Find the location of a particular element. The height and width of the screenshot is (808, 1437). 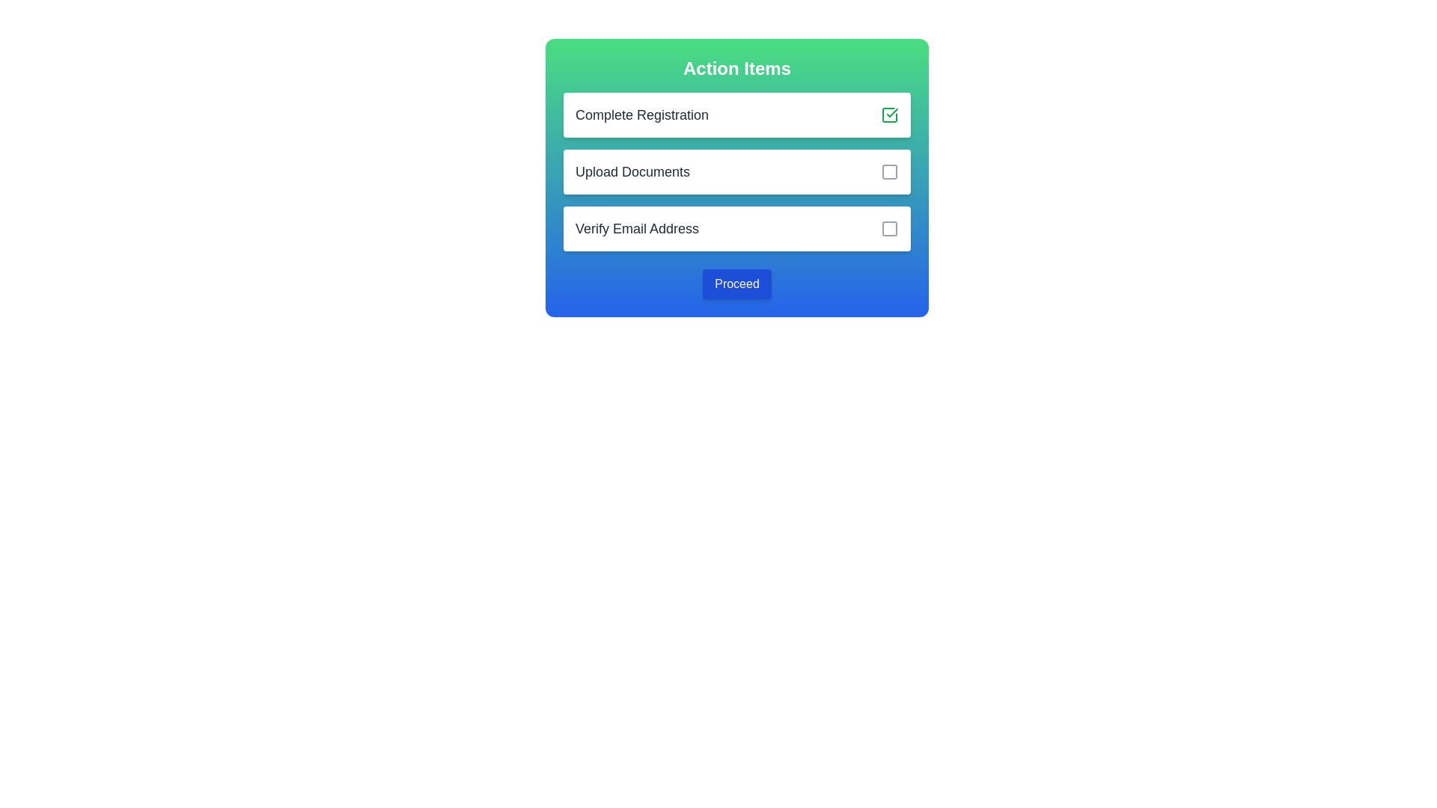

the green checkmark icon located at the rightmost side of the 'Complete Registration' task item box is located at coordinates (892, 111).